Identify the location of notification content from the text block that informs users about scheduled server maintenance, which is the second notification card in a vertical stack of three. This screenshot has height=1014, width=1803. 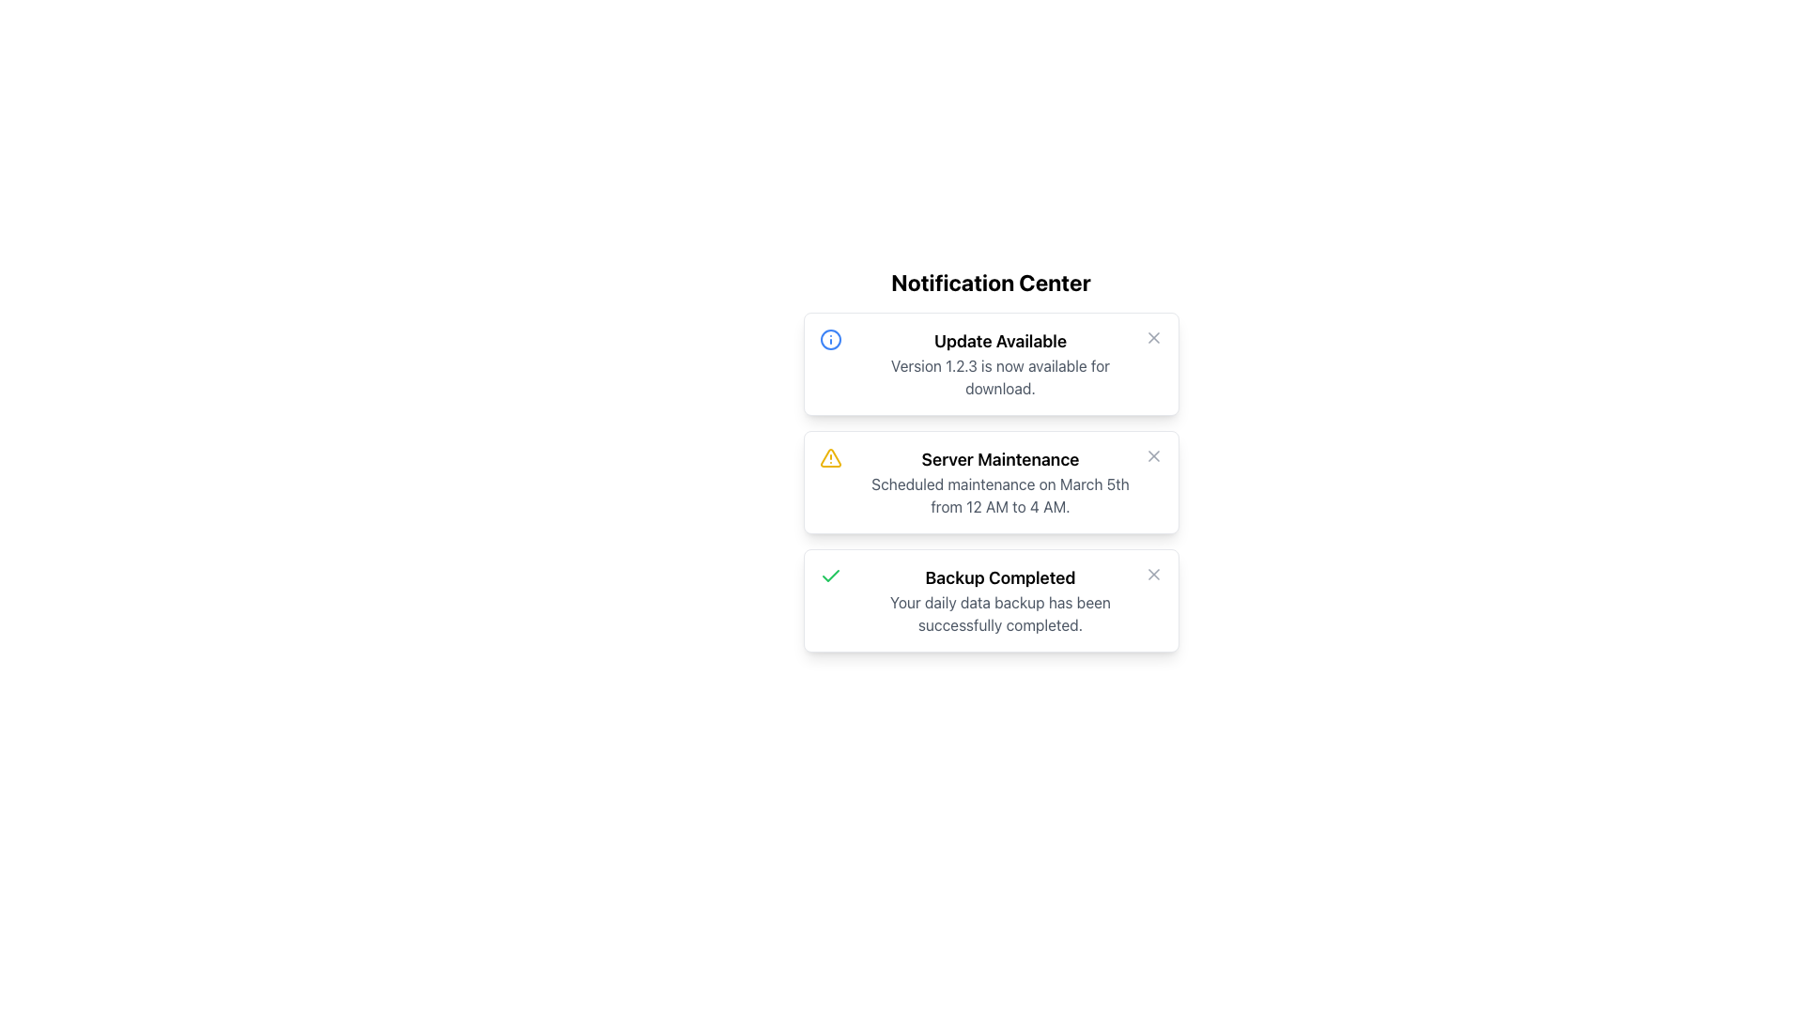
(999, 481).